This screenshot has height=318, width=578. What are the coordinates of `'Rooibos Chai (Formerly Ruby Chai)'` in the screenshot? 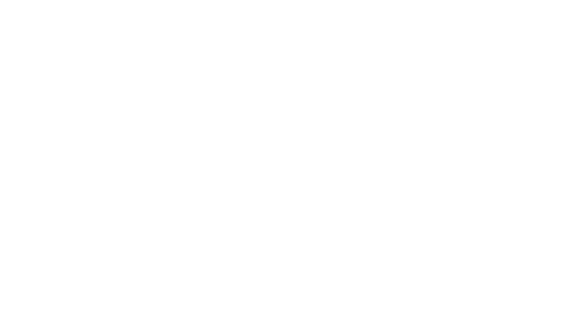 It's located at (425, 141).